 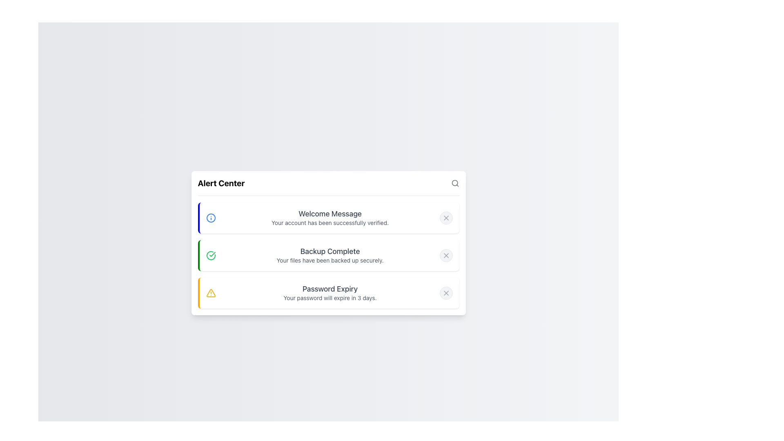 What do you see at coordinates (330, 298) in the screenshot?
I see `the static text element that informs the user about impending password expiration, which is the second line of text in the 'Password Expiry' notification card` at bounding box center [330, 298].